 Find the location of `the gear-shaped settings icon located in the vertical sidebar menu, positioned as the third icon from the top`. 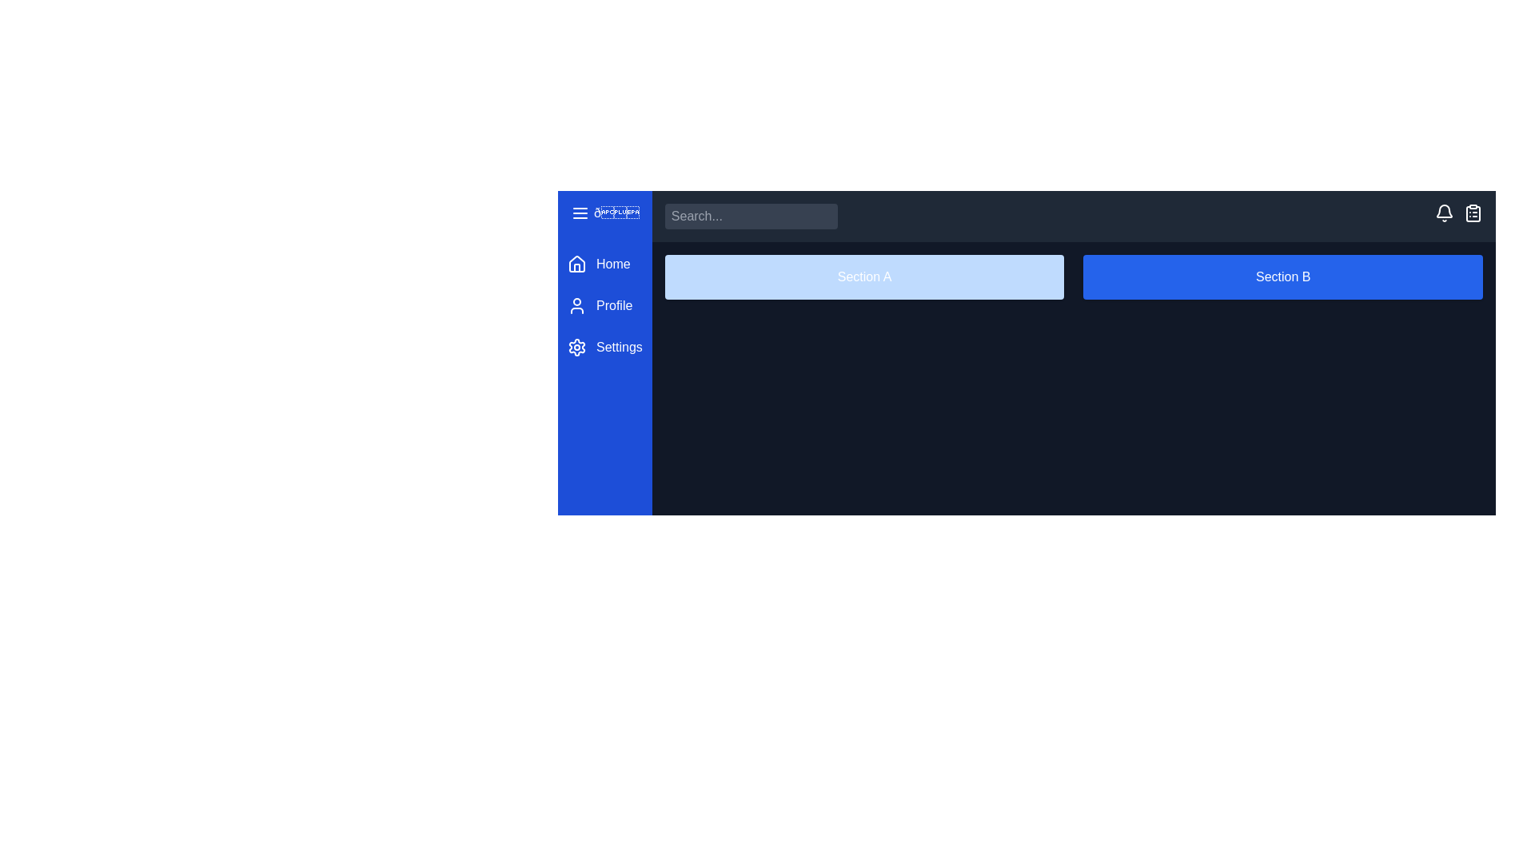

the gear-shaped settings icon located in the vertical sidebar menu, positioned as the third icon from the top is located at coordinates (576, 347).